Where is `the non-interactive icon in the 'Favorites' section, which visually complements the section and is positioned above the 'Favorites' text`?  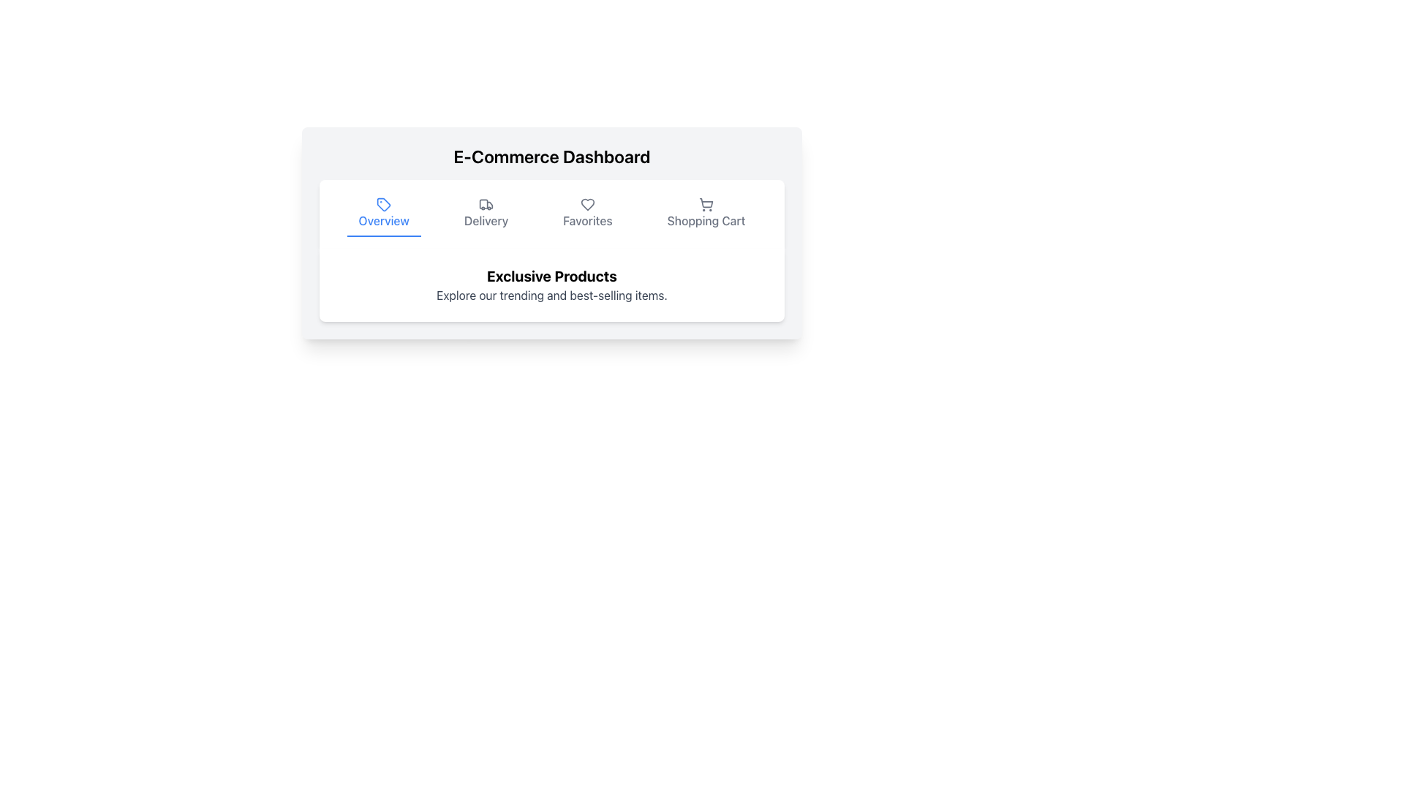
the non-interactive icon in the 'Favorites' section, which visually complements the section and is positioned above the 'Favorites' text is located at coordinates (587, 205).